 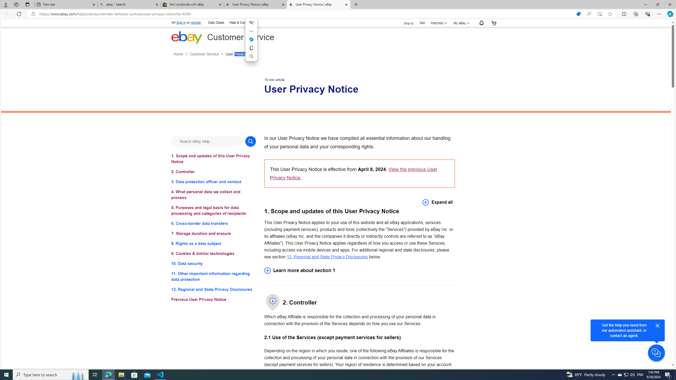 What do you see at coordinates (251, 42) in the screenshot?
I see `'Mini menu on text selection'` at bounding box center [251, 42].